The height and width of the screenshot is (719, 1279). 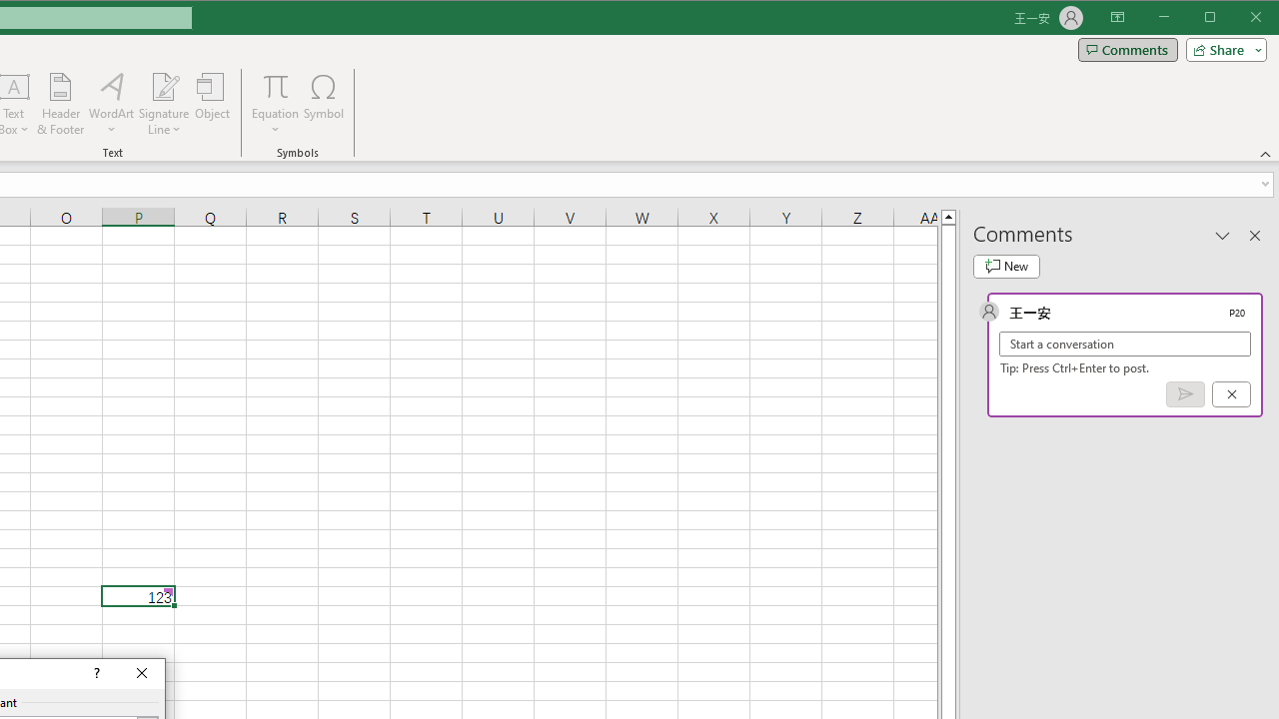 What do you see at coordinates (1125, 343) in the screenshot?
I see `'Start a conversation'` at bounding box center [1125, 343].